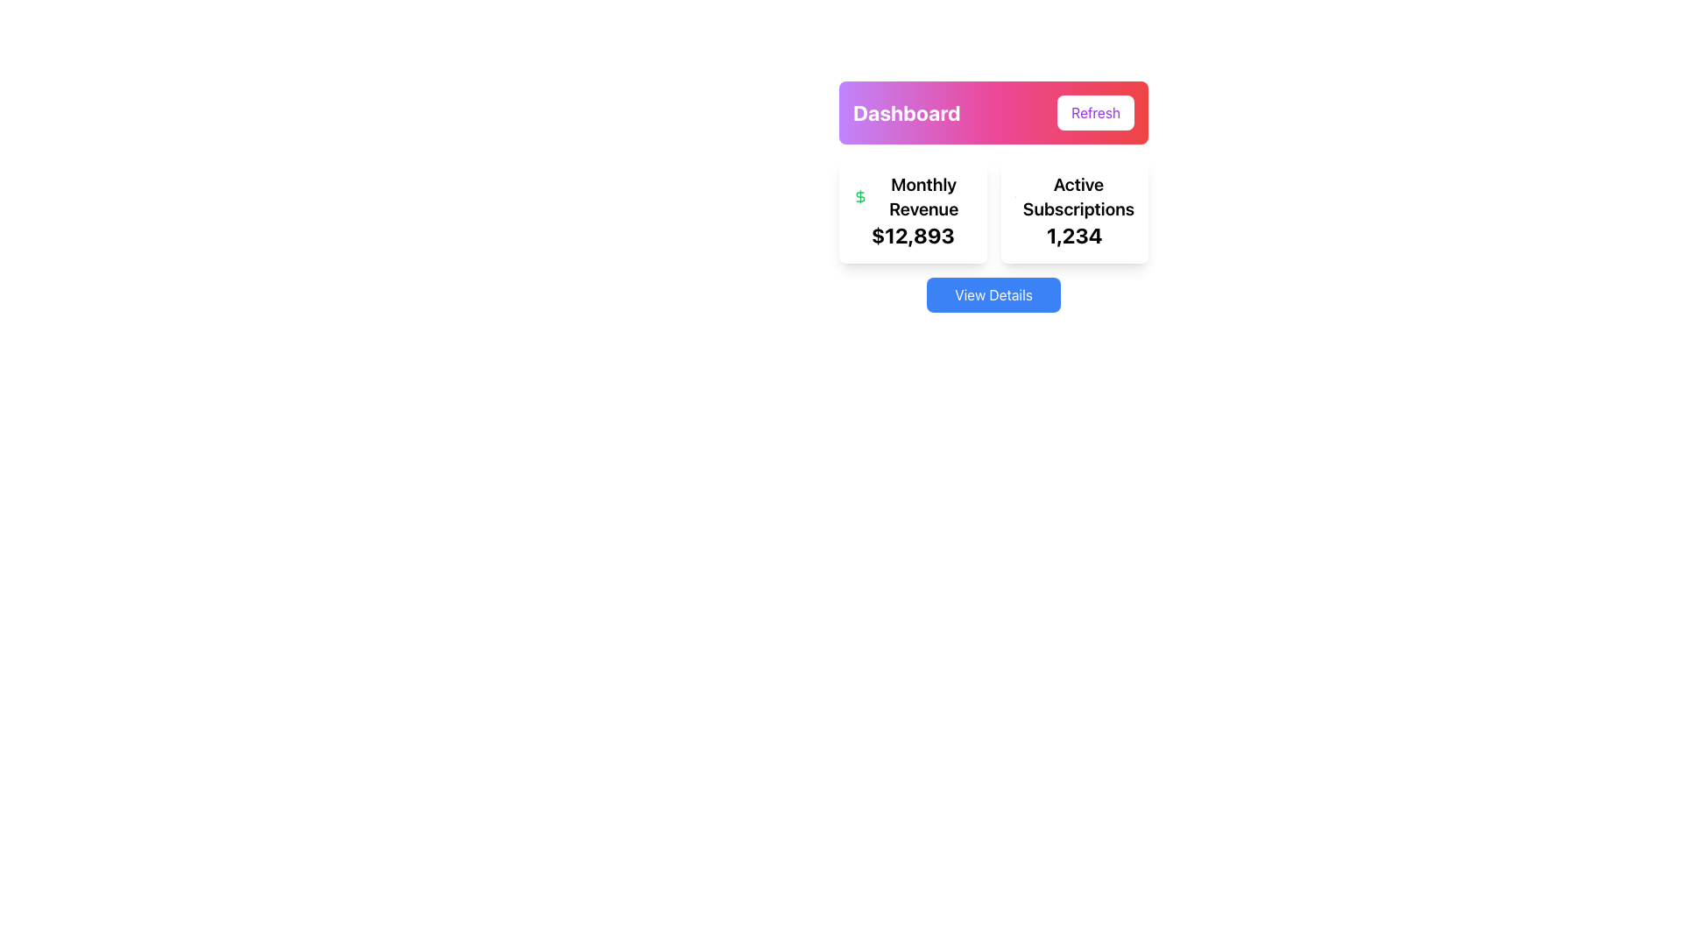 The width and height of the screenshot is (1682, 946). I want to click on the text label indicating the revenue information, which is positioned at the top-left corner of a white card with rounded corners, so click(912, 196).